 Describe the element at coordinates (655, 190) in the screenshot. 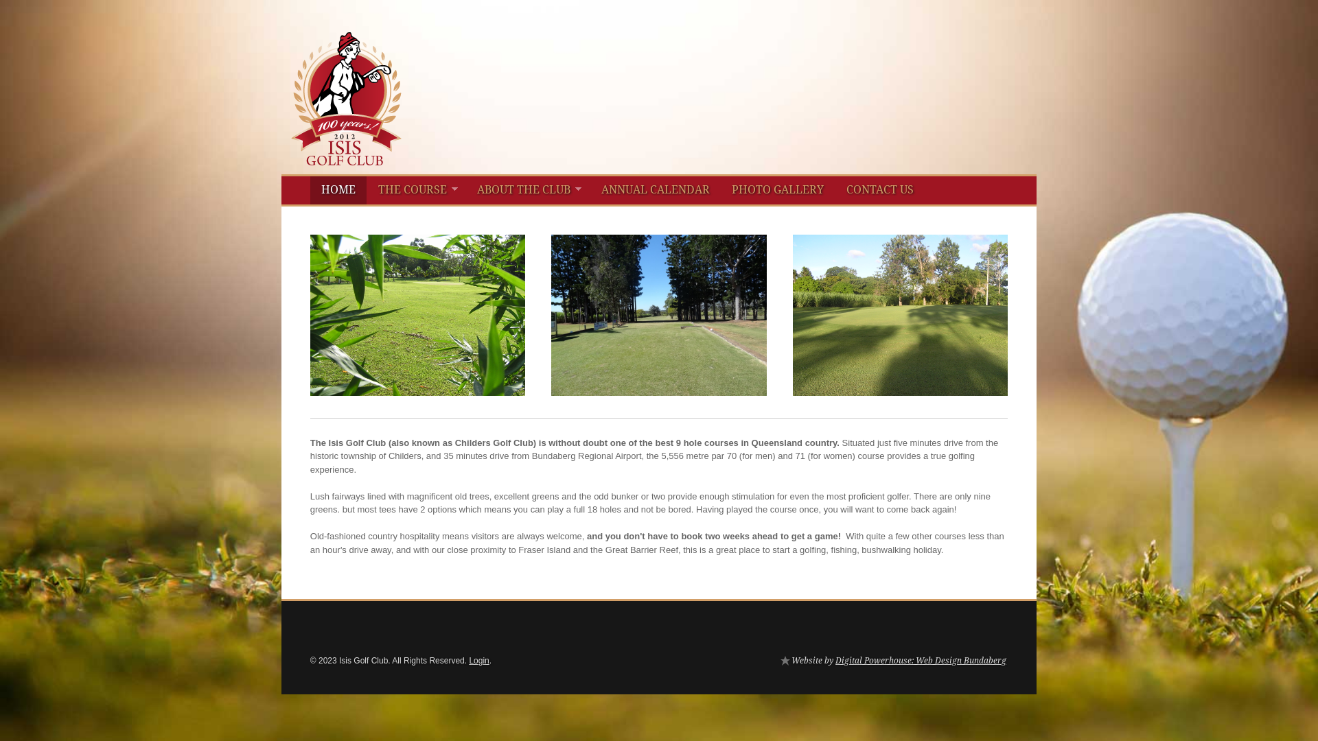

I see `'ANNUAL CALENDAR'` at that location.